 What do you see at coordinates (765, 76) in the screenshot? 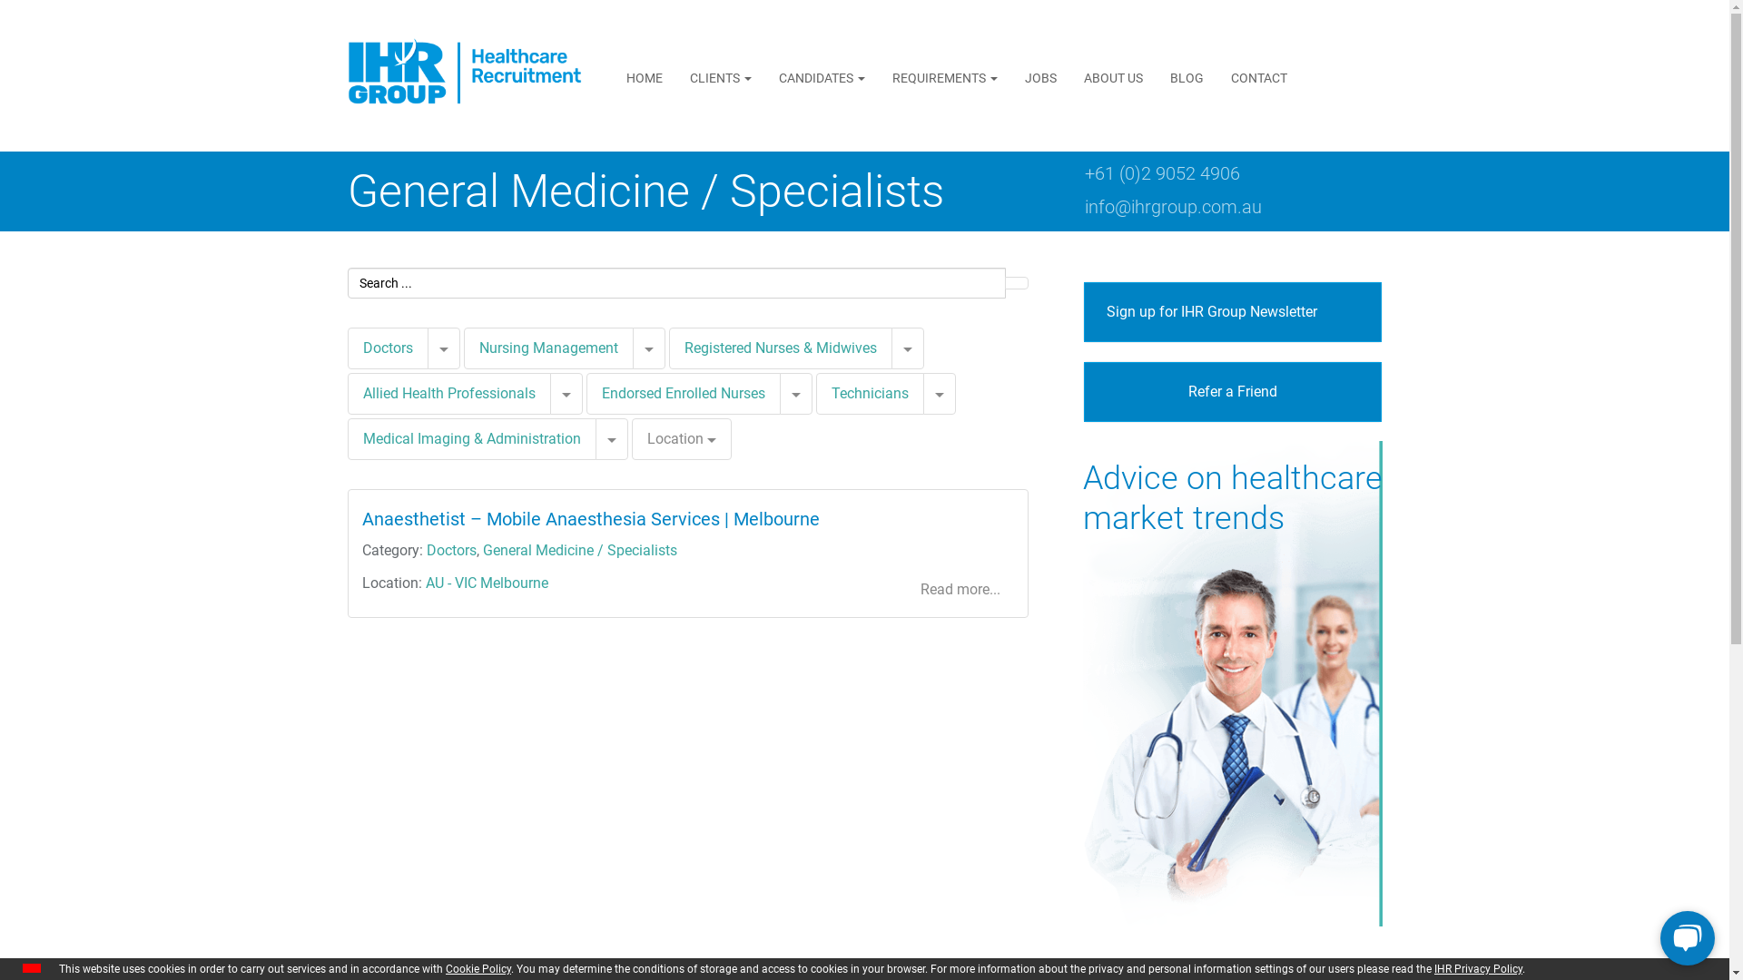
I see `'CANDIDATES'` at bounding box center [765, 76].